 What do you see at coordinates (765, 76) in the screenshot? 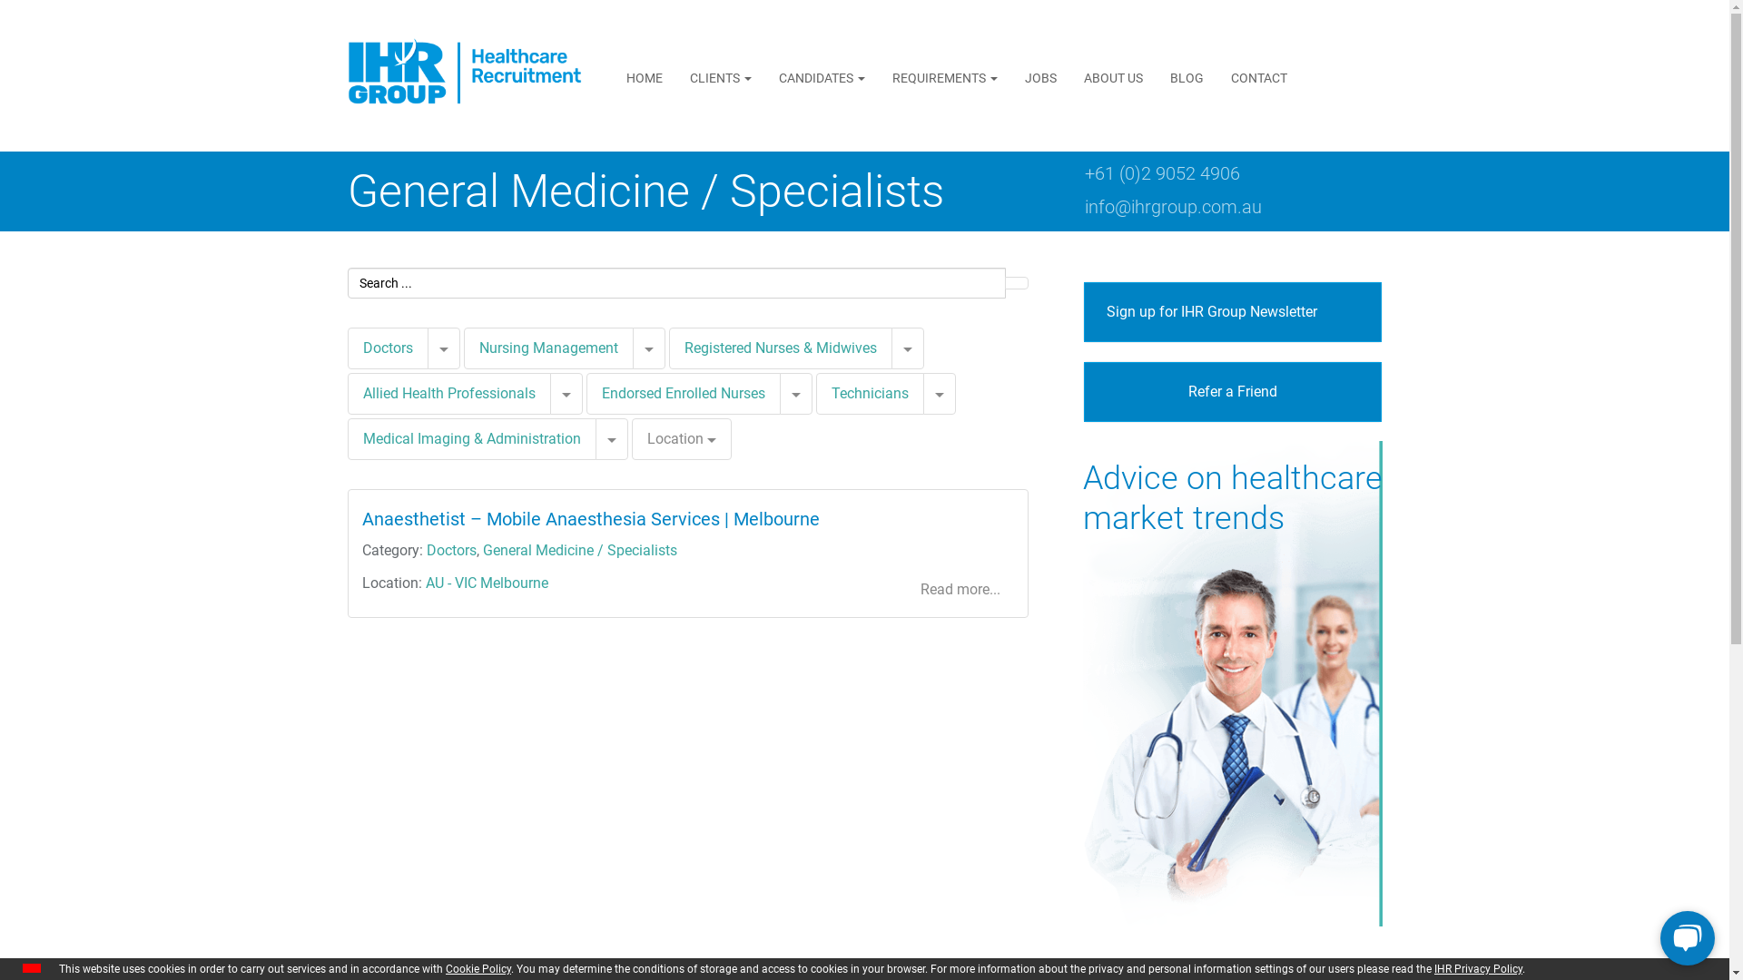
I see `'CANDIDATES'` at bounding box center [765, 76].